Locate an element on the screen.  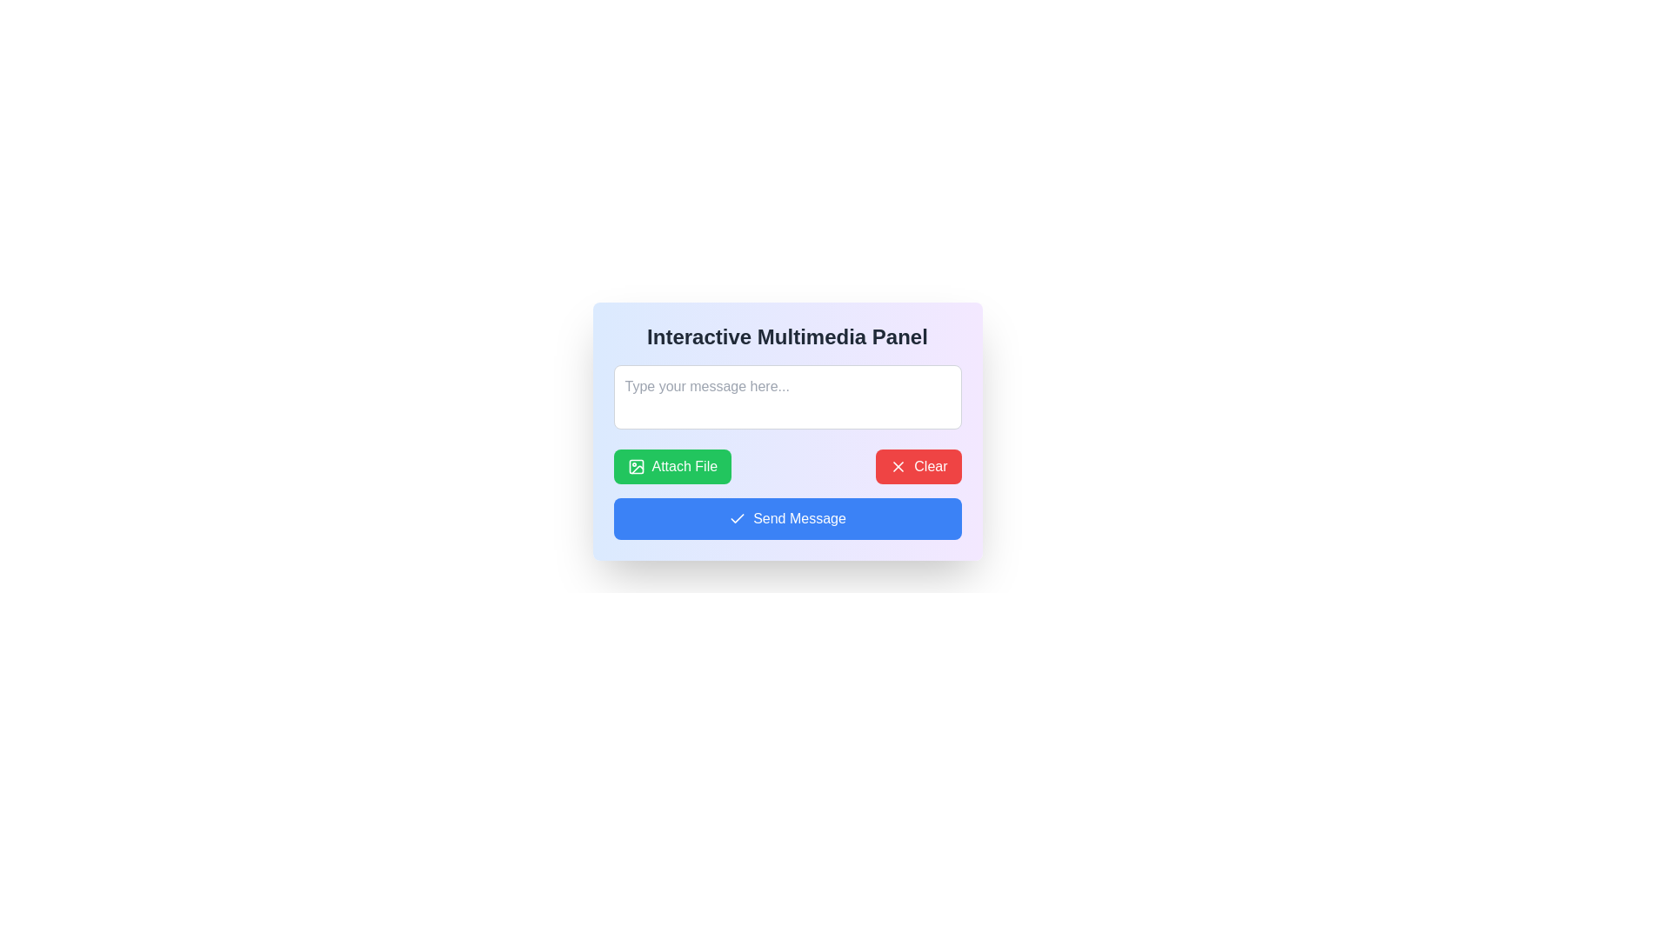
the 'X' icon with a red background and white stroke, located to the left of the text label inside the 'Clear' button in the top-right corner of the interactive panel is located at coordinates (898, 465).